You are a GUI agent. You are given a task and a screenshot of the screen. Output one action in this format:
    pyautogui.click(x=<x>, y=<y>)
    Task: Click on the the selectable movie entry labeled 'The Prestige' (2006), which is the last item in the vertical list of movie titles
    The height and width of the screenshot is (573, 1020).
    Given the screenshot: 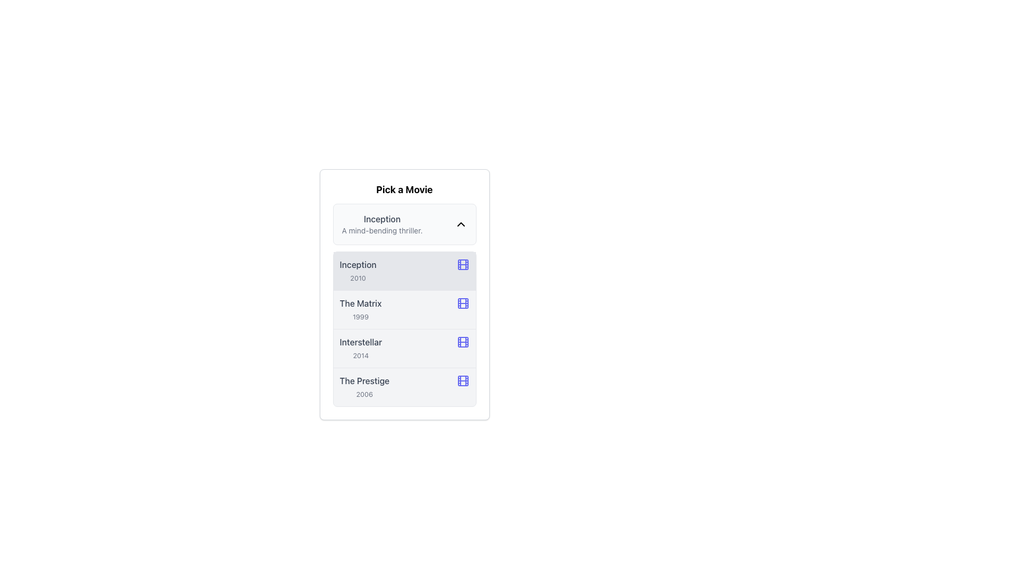 What is the action you would take?
    pyautogui.click(x=364, y=387)
    